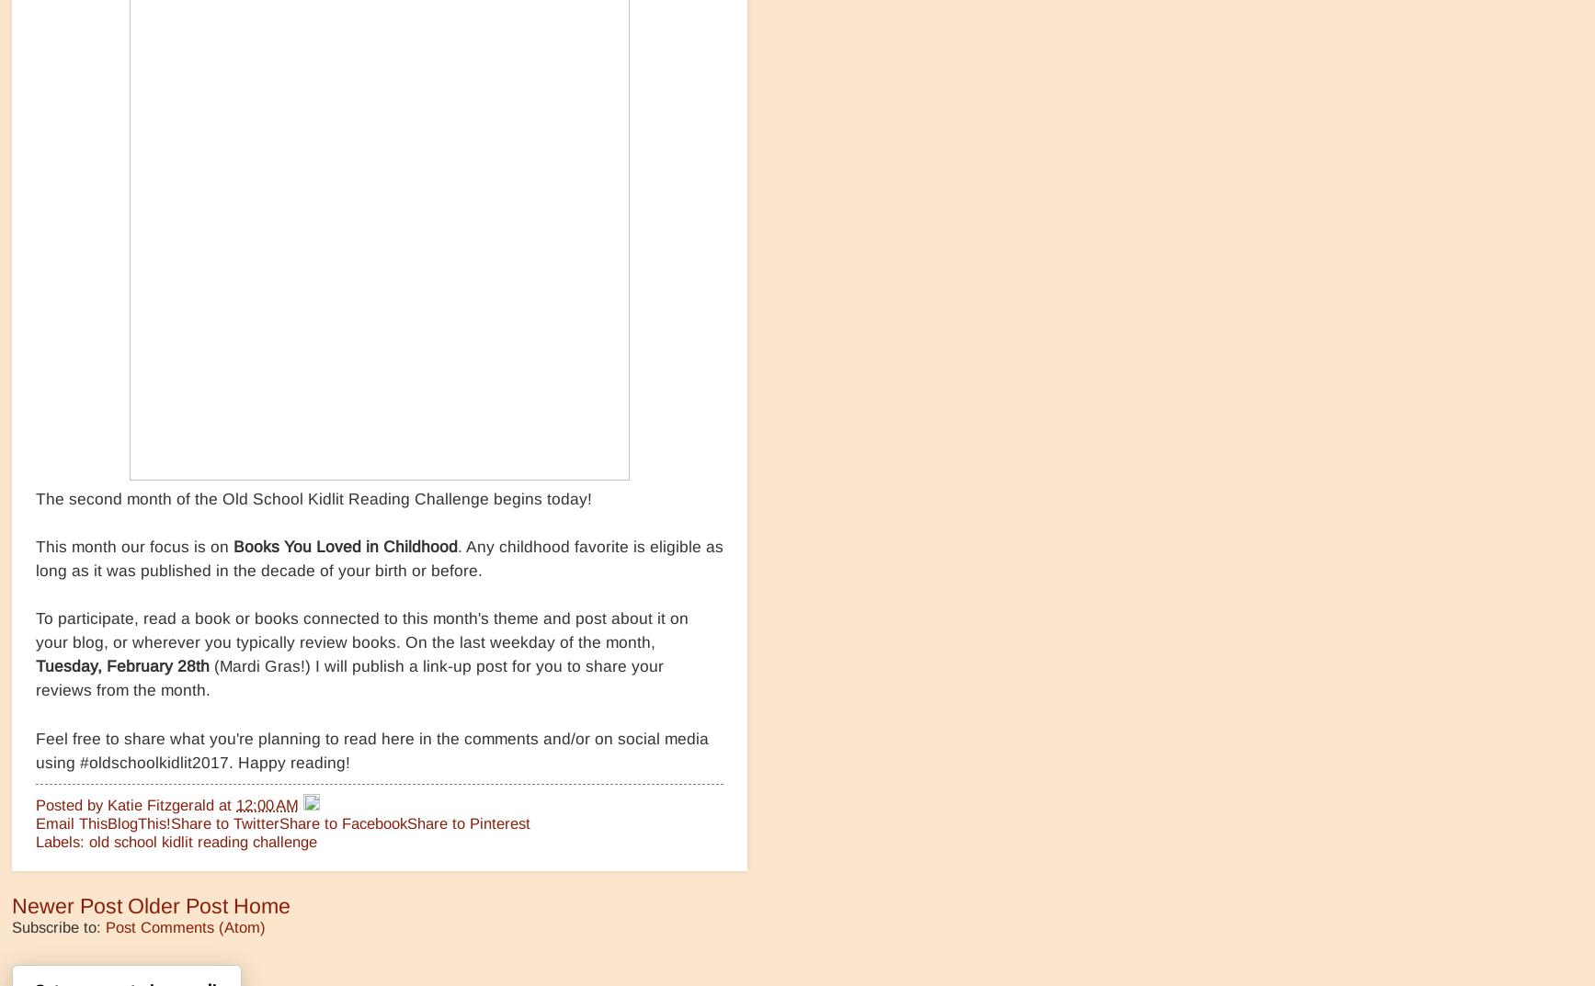 The image size is (1595, 986). Describe the element at coordinates (72, 822) in the screenshot. I see `'Email This'` at that location.